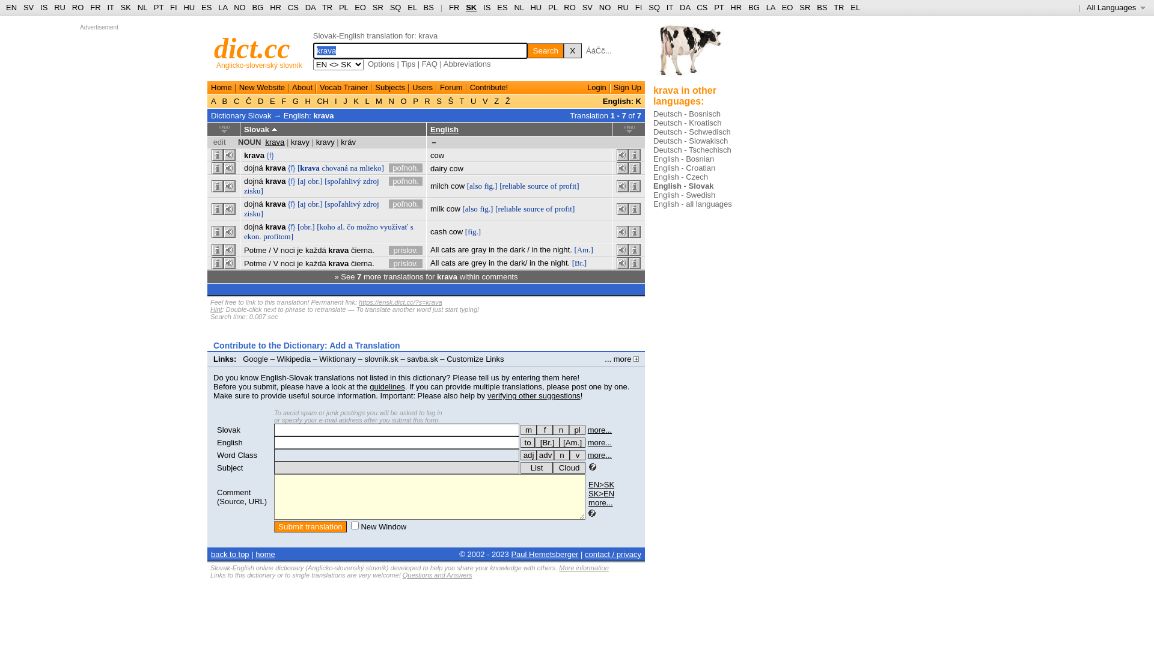 This screenshot has height=649, width=1154. What do you see at coordinates (216, 309) in the screenshot?
I see `'Hint'` at bounding box center [216, 309].